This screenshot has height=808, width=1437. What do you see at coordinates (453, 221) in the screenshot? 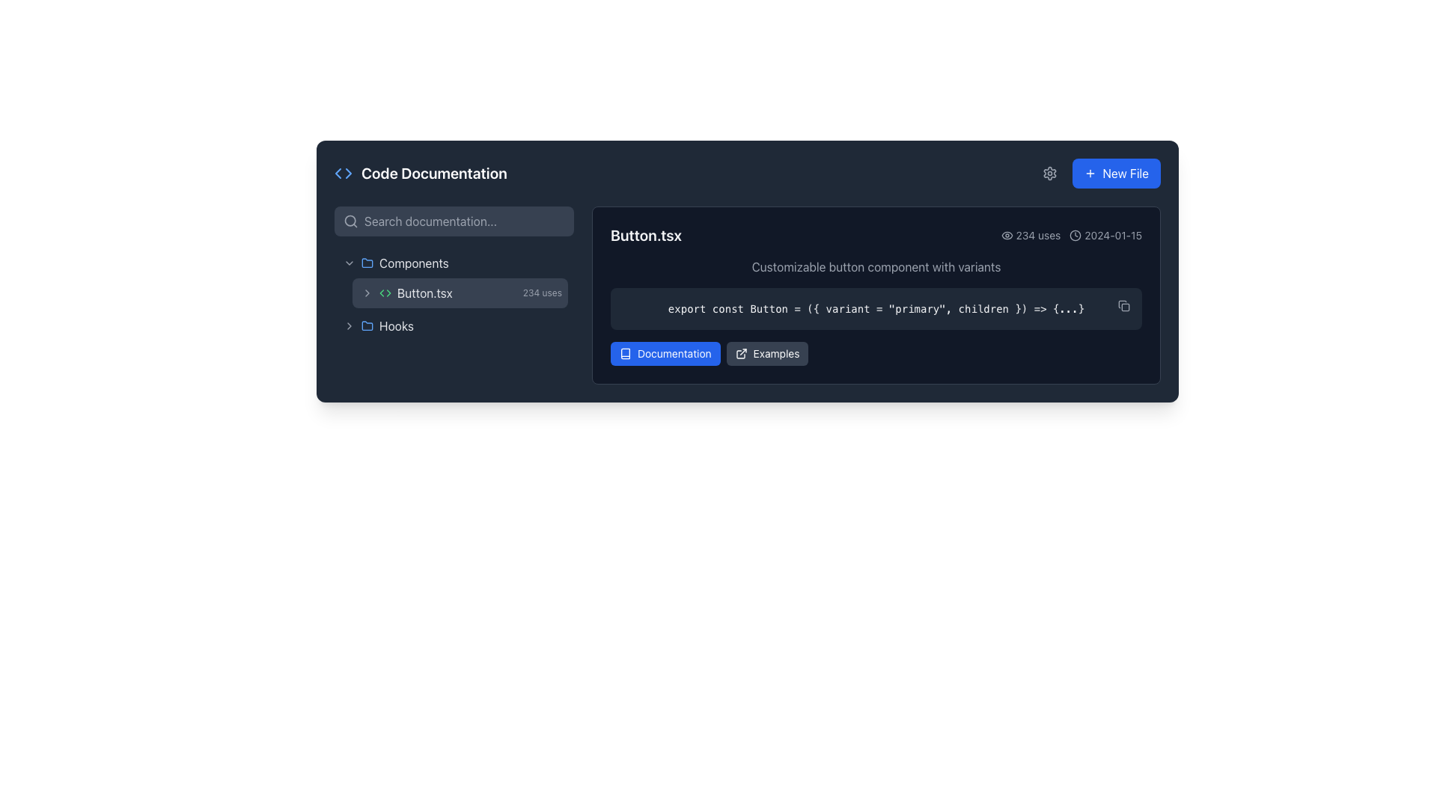
I see `the search bar input field with placeholder text 'Search documentation...' located near the top-left corner of the 'Code Documentation' panel` at bounding box center [453, 221].